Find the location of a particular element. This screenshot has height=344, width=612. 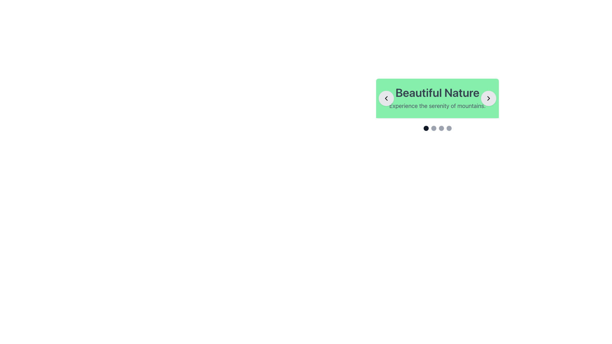

the left navigation Icon inside the circular Button is located at coordinates (386, 98).